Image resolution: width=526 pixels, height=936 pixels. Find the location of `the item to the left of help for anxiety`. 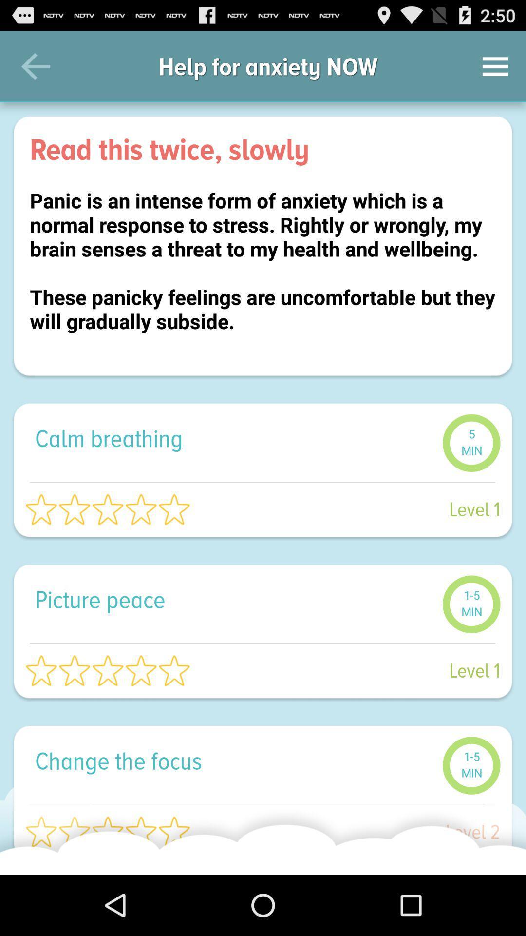

the item to the left of help for anxiety is located at coordinates (35, 66).